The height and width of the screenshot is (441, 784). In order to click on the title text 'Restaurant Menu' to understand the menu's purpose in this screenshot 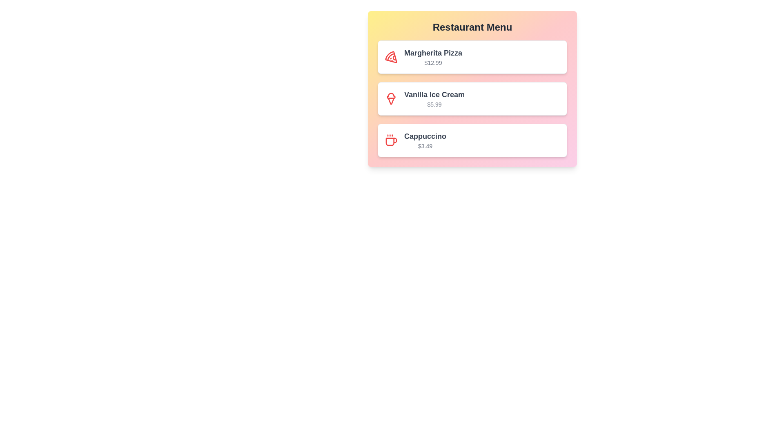, I will do `click(472, 27)`.